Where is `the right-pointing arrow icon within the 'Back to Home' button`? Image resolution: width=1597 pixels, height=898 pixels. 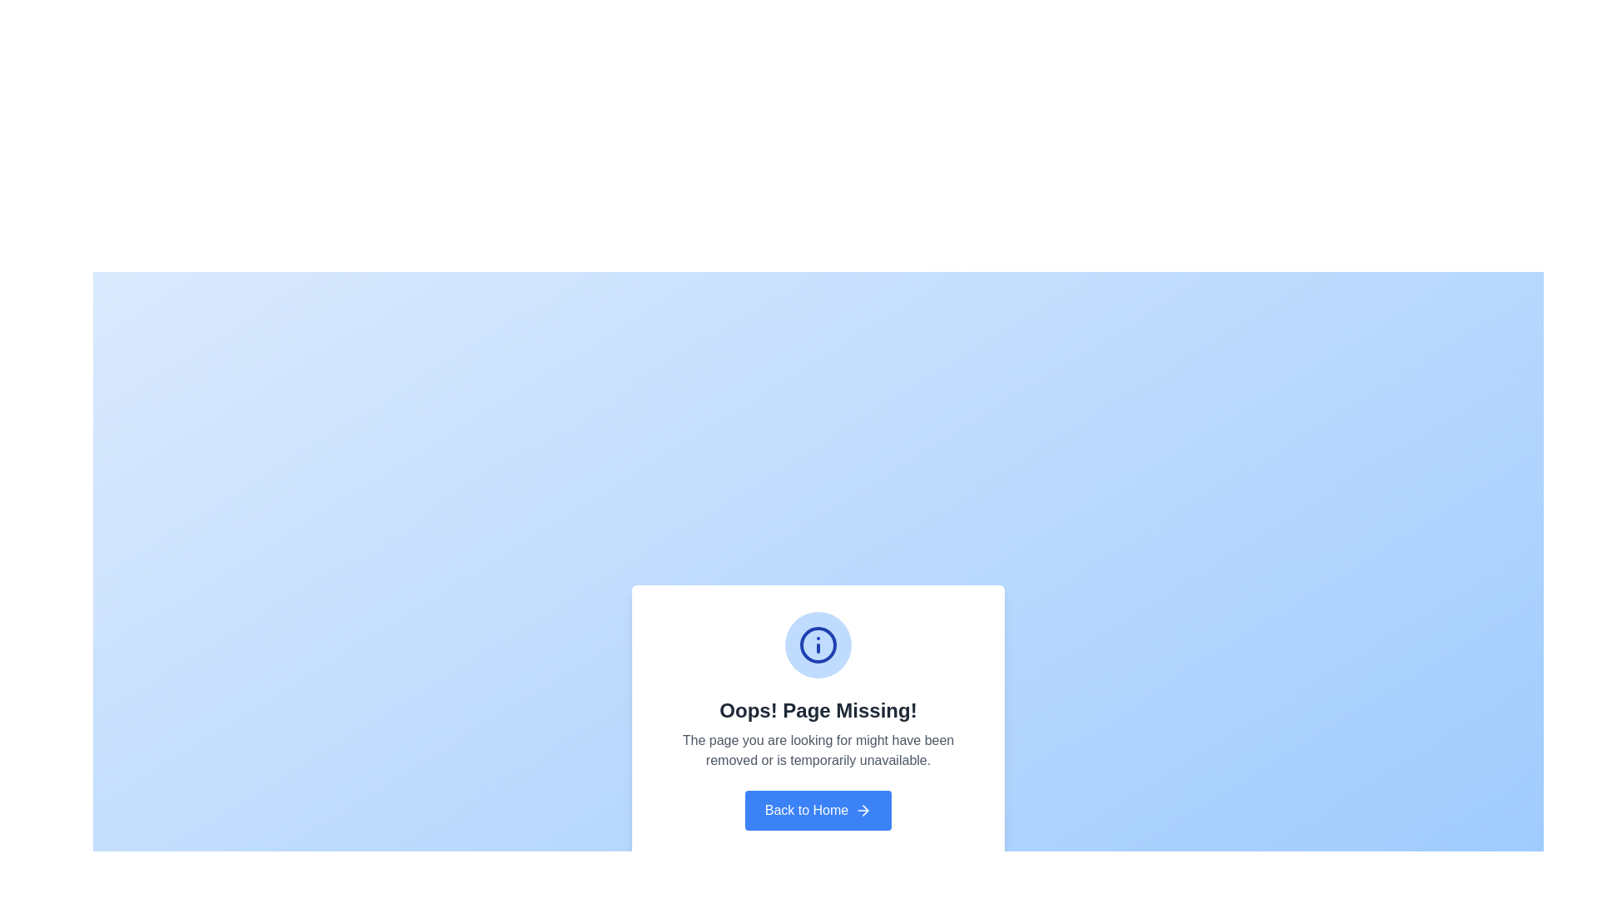
the right-pointing arrow icon within the 'Back to Home' button is located at coordinates (865, 809).